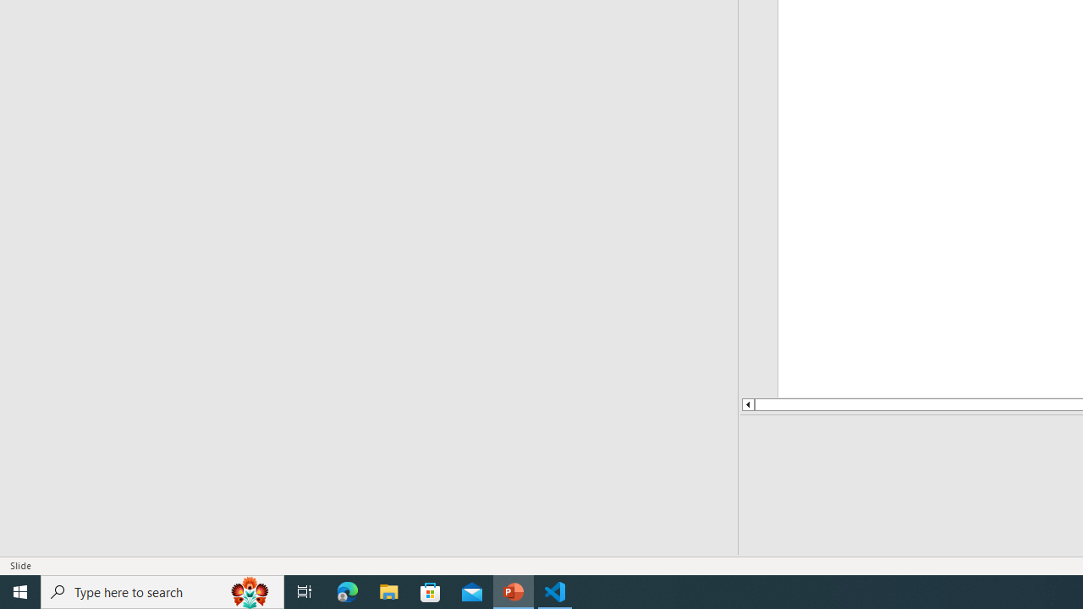 This screenshot has width=1083, height=609. I want to click on 'PowerPoint - 1 running window', so click(513, 590).